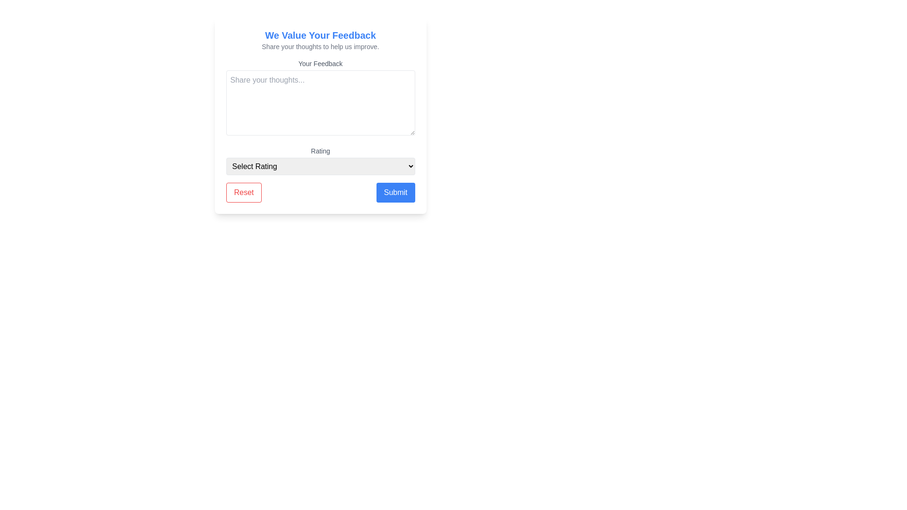 The image size is (907, 510). What do you see at coordinates (320, 151) in the screenshot?
I see `the label that indicates the purpose of selecting a rating, positioned between a text input field and a dropdown control in the form layout` at bounding box center [320, 151].